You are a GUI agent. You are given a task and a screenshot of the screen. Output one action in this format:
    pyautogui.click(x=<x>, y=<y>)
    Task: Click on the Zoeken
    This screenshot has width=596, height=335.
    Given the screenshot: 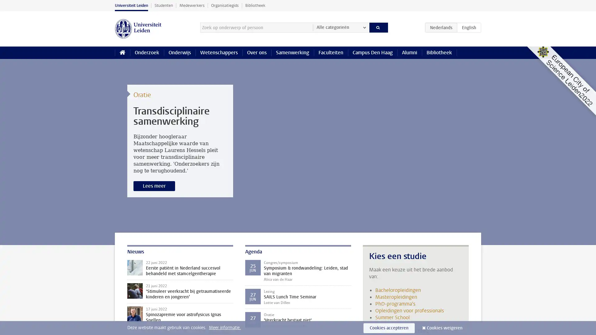 What is the action you would take?
    pyautogui.click(x=378, y=27)
    